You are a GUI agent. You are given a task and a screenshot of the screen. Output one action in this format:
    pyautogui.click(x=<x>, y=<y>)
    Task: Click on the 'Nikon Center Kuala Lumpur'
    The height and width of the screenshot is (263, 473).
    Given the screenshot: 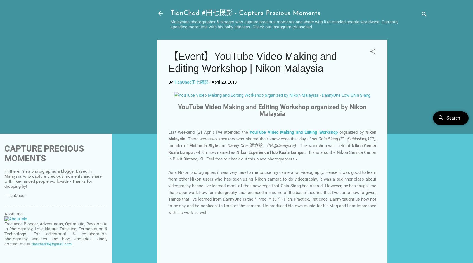 What is the action you would take?
    pyautogui.click(x=272, y=148)
    